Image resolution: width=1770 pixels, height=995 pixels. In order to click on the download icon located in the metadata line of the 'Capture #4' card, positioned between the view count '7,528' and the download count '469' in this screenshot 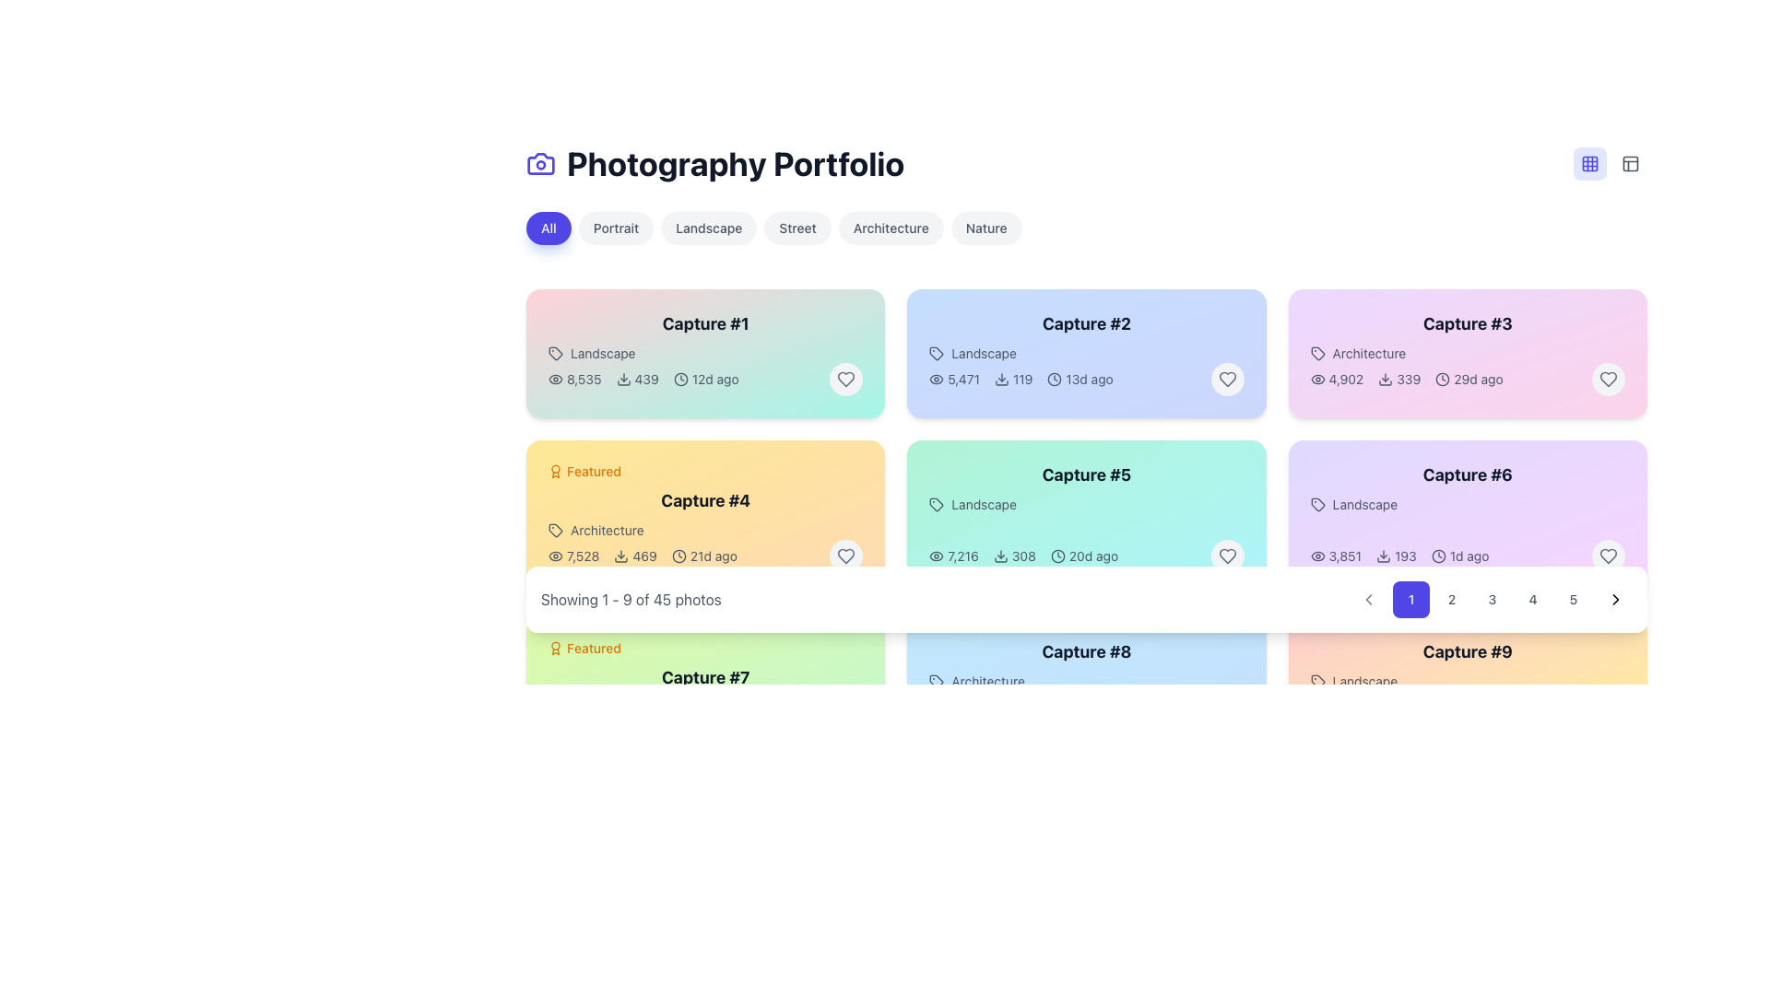, I will do `click(621, 556)`.